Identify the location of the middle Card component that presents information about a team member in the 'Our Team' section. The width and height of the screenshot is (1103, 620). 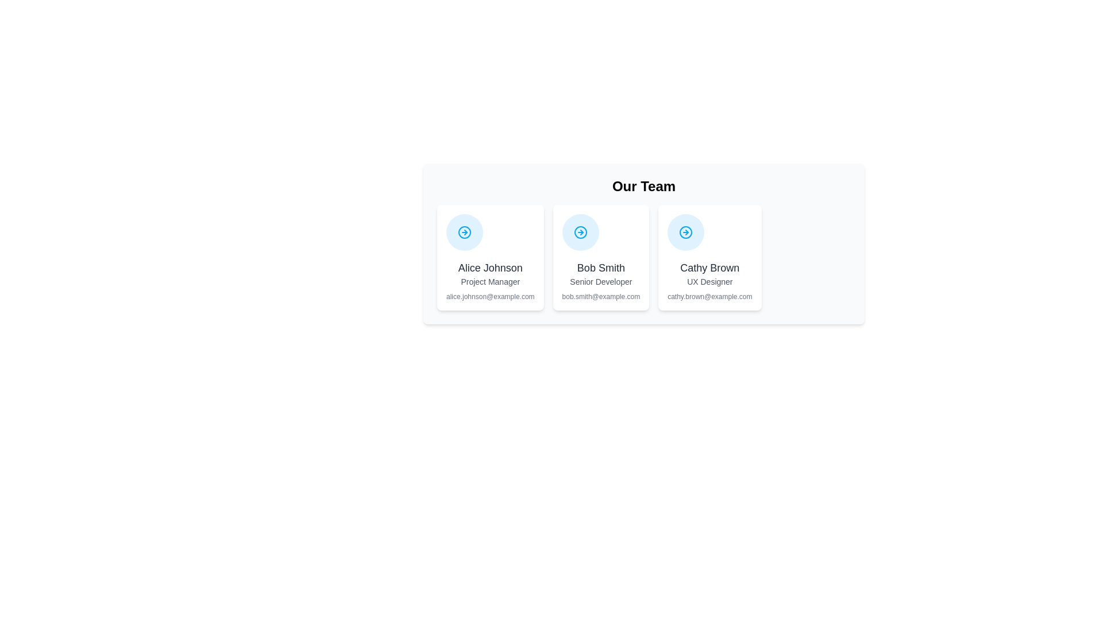
(644, 243).